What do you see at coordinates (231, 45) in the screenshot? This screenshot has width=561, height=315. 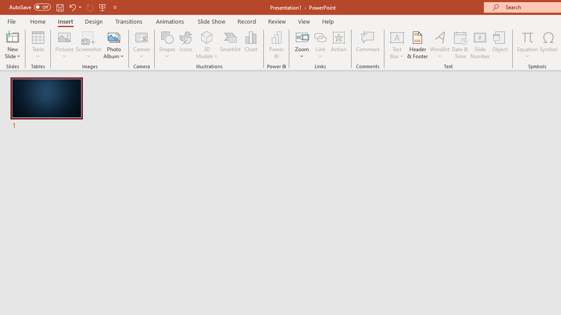 I see `'SmartArt...'` at bounding box center [231, 45].